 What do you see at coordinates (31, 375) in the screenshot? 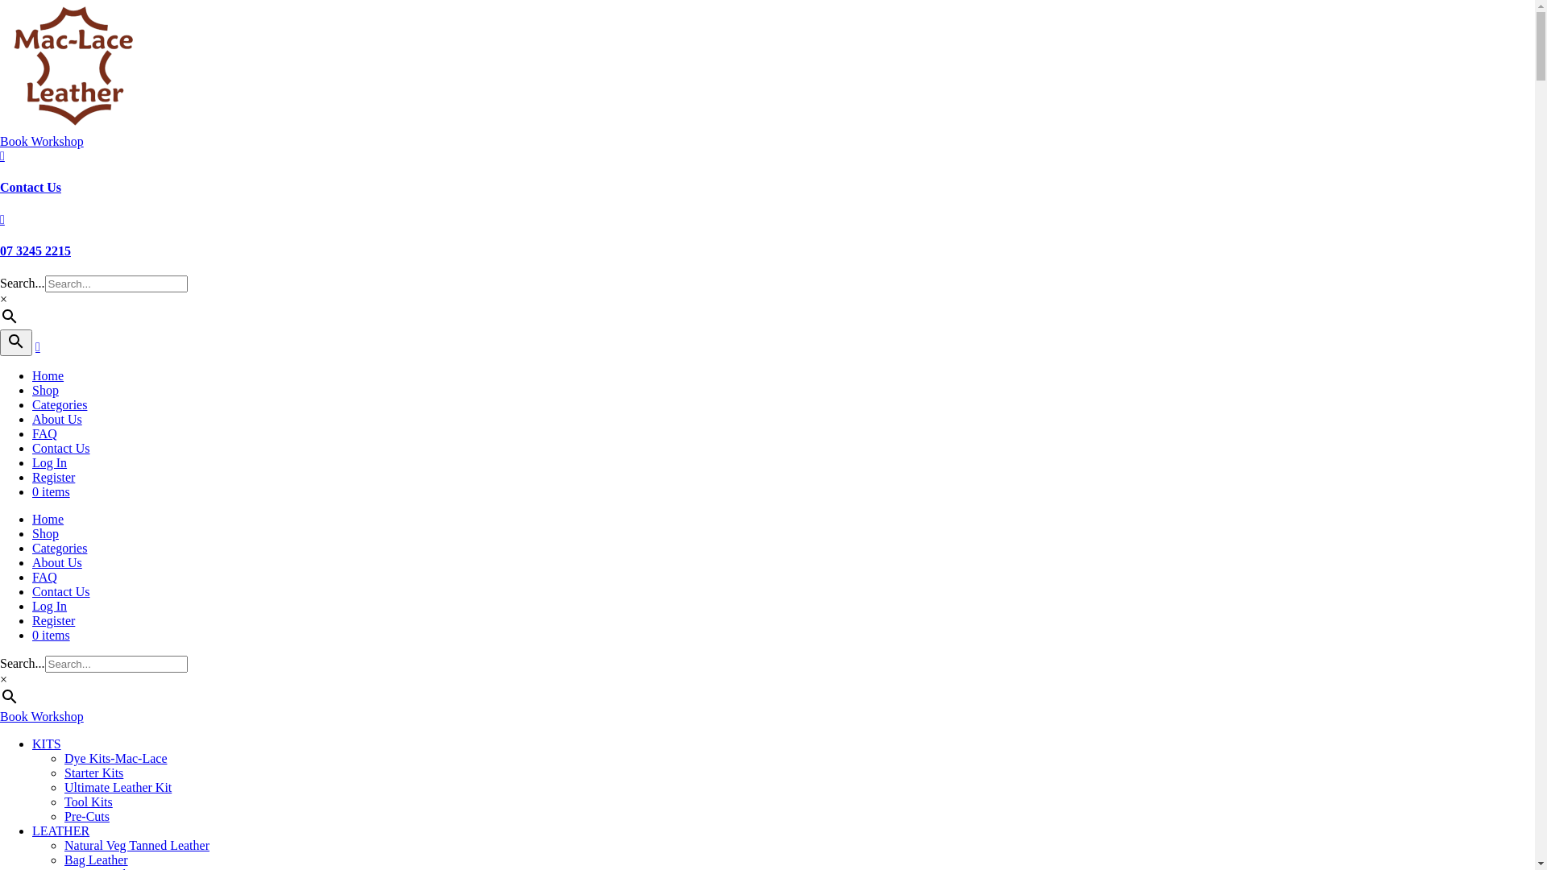
I see `'Home'` at bounding box center [31, 375].